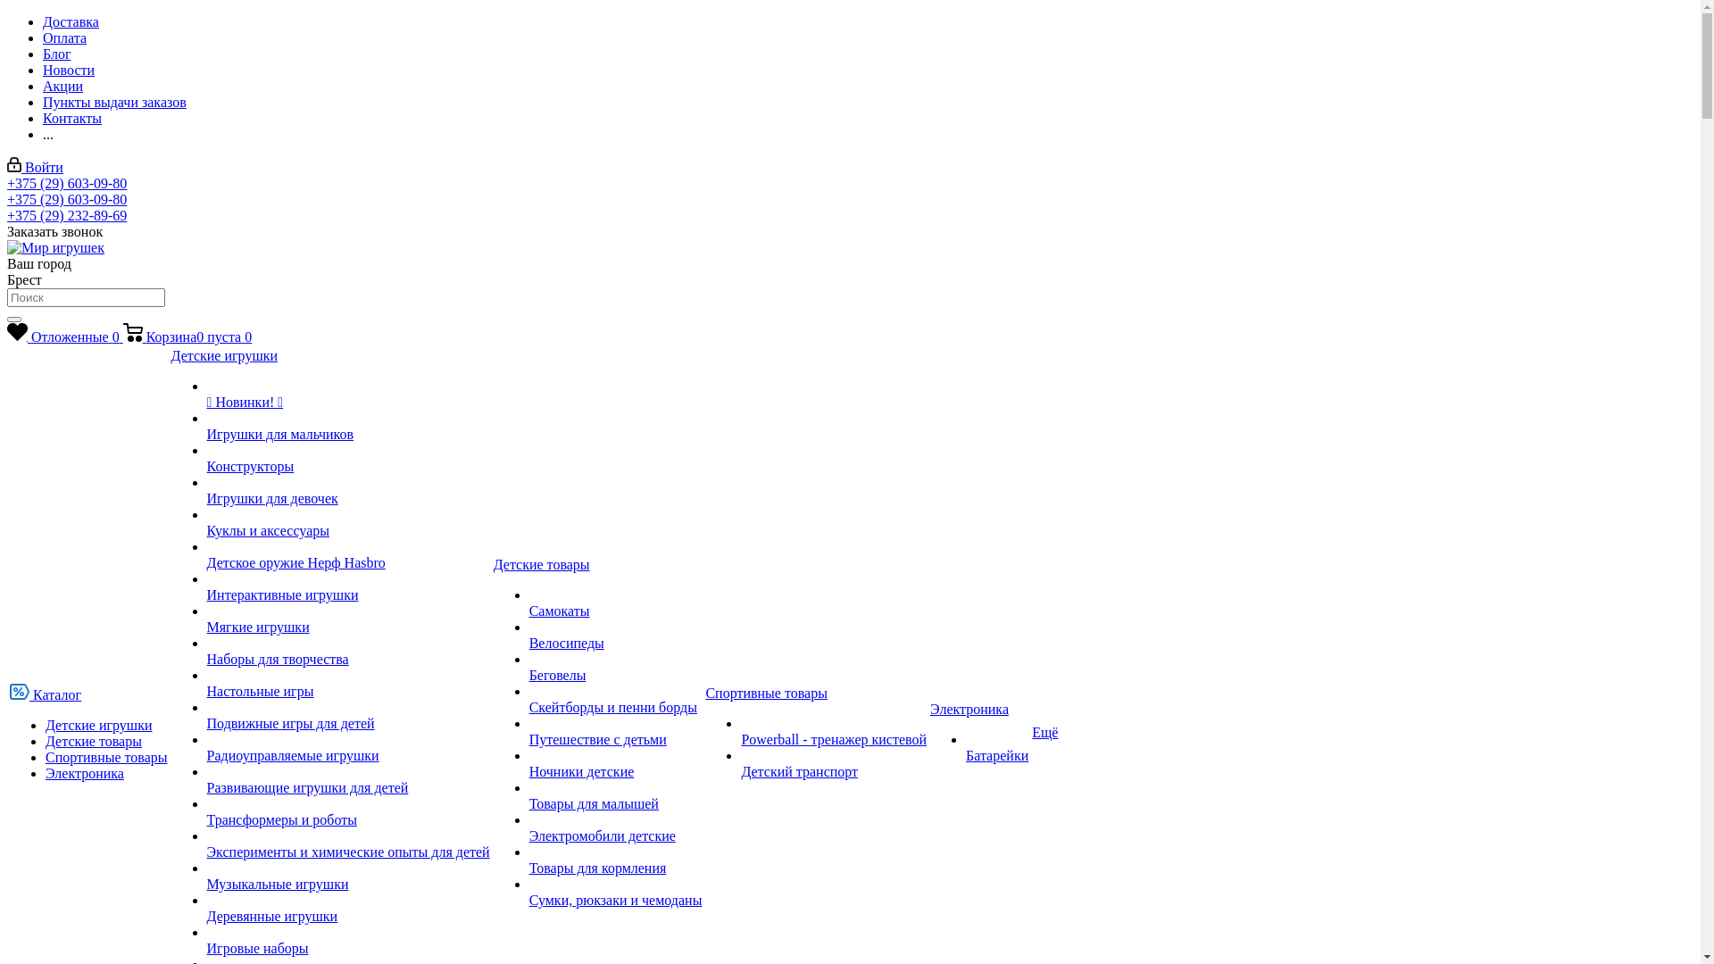 This screenshot has height=964, width=1714. I want to click on '+375 (29) 603-09-80', so click(67, 183).